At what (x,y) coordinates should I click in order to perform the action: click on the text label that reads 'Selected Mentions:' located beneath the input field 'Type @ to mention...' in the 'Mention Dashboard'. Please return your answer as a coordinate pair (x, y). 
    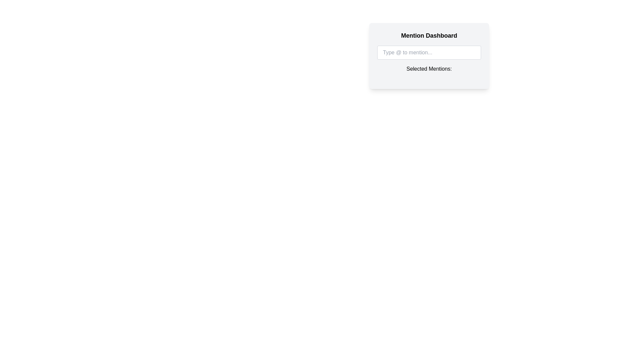
    Looking at the image, I should click on (429, 69).